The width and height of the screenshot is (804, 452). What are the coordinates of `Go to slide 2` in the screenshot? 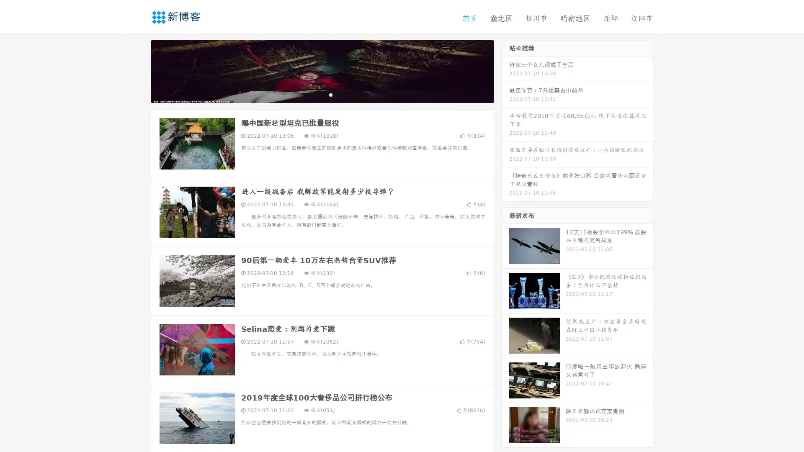 It's located at (322, 94).